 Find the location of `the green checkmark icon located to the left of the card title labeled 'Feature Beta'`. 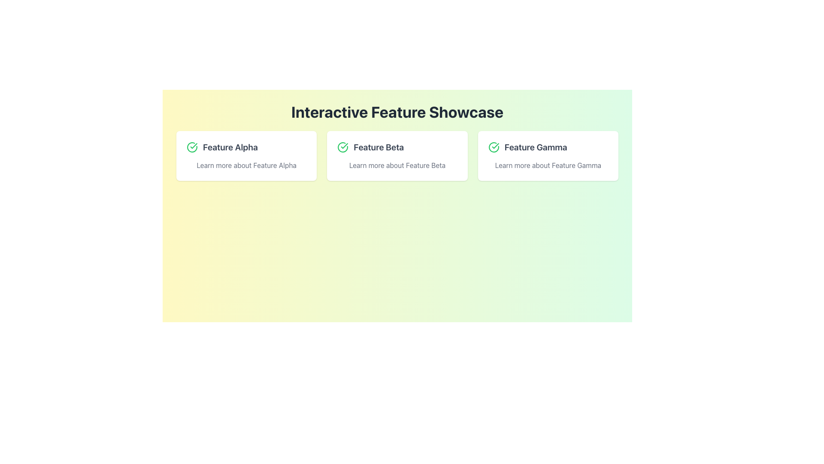

the green checkmark icon located to the left of the card title labeled 'Feature Beta' is located at coordinates (495, 145).